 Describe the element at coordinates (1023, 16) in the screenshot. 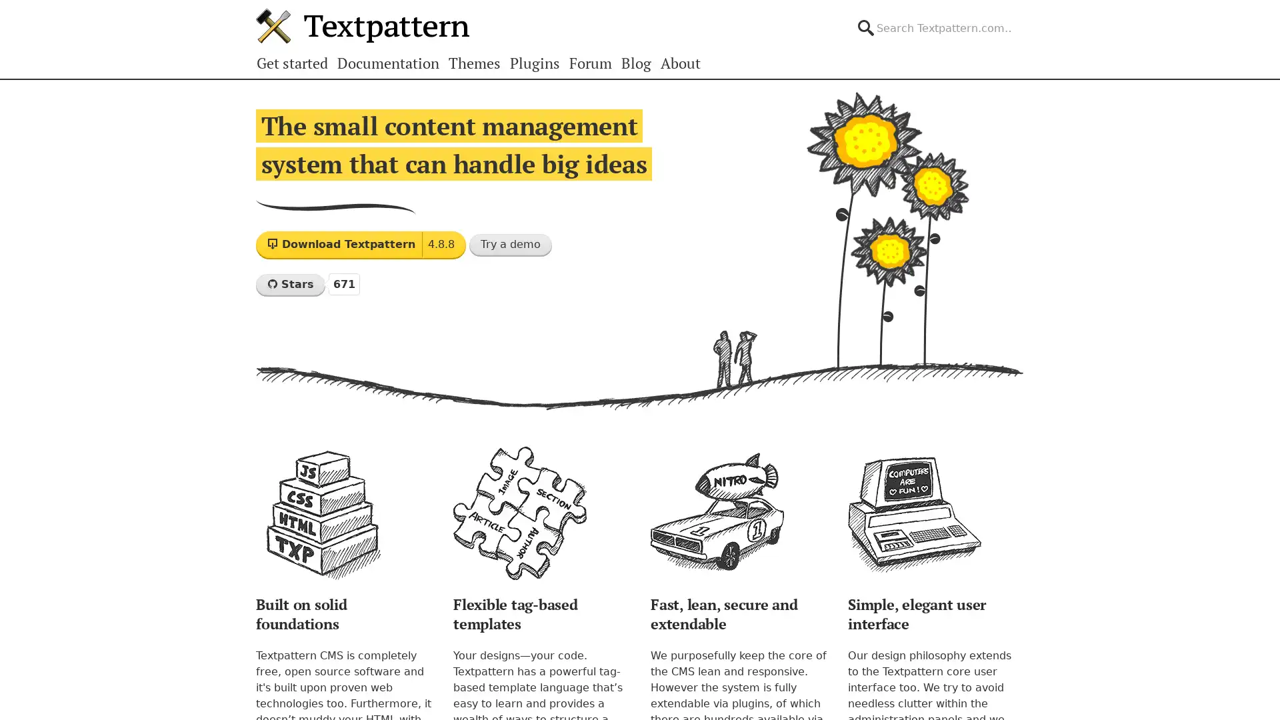

I see `Submit Search` at that location.